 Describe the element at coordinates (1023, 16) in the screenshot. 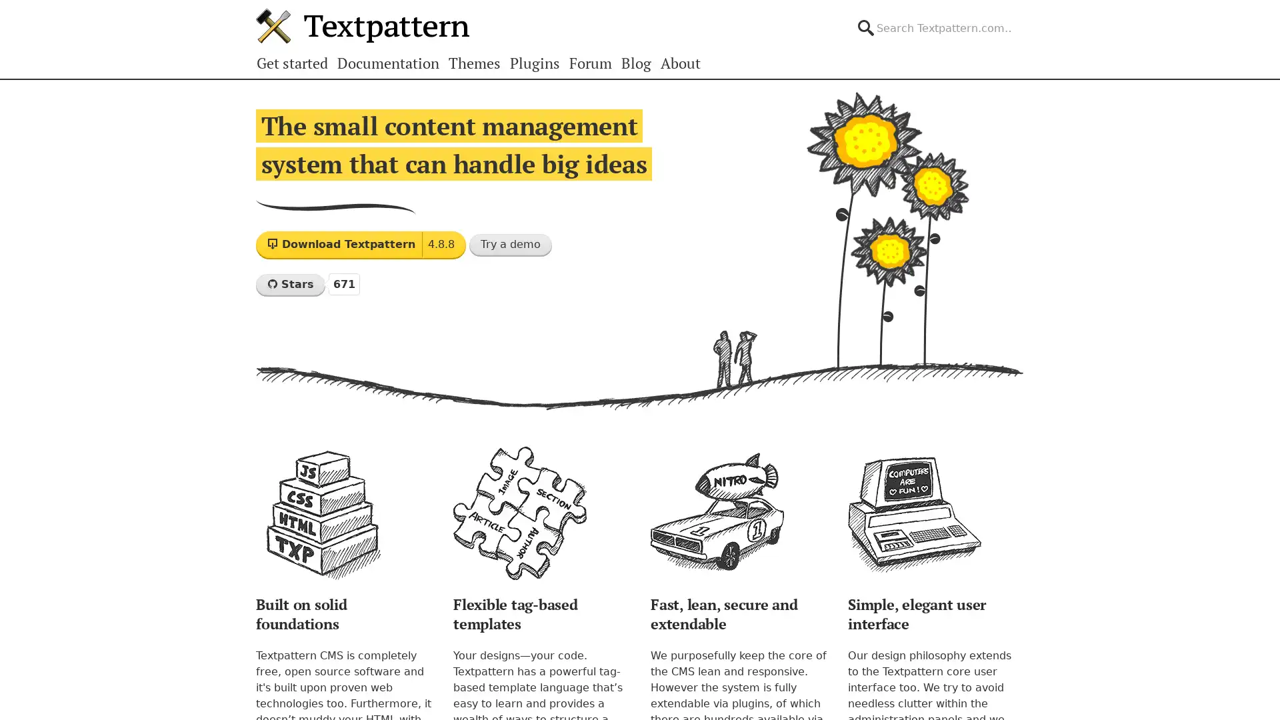

I see `Submit Search` at that location.